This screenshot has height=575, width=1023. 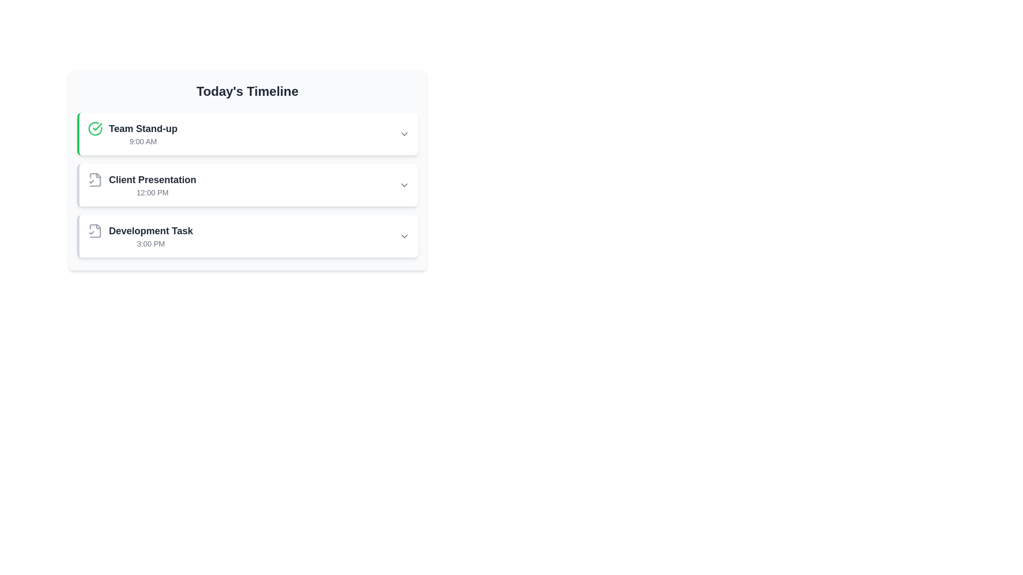 What do you see at coordinates (403, 235) in the screenshot?
I see `the interactive icon located to the right of 'Development Task 3:00 PM'` at bounding box center [403, 235].